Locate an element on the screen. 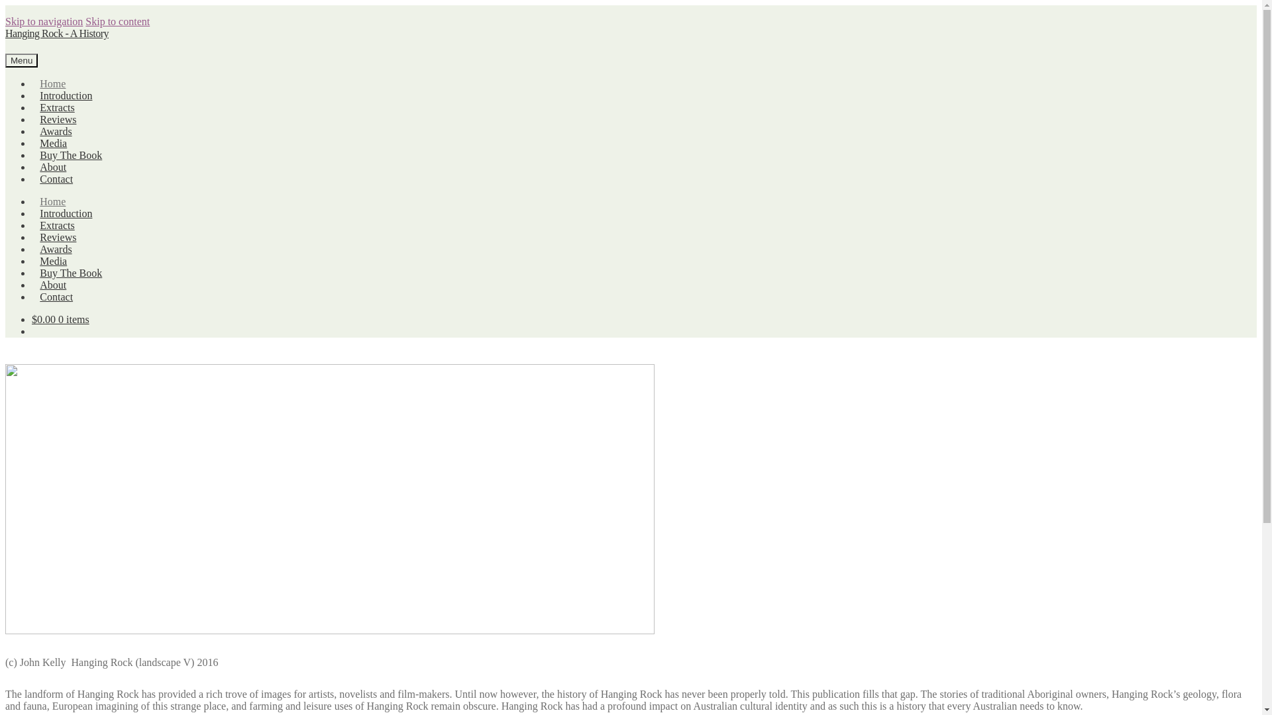 The image size is (1272, 715). 'Skip to content' is located at coordinates (117, 21).